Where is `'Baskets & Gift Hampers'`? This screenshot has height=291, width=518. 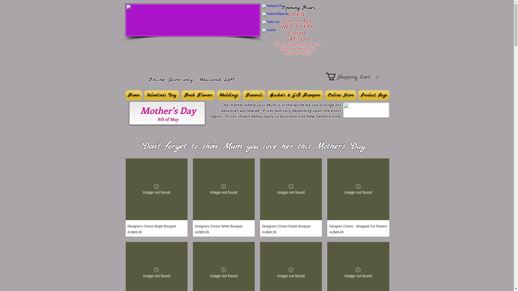
'Baskets & Gift Hampers' is located at coordinates (295, 95).